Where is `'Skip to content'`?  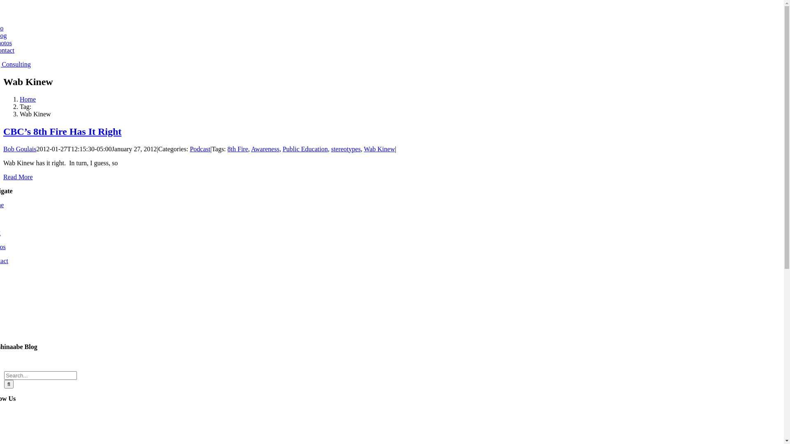 'Skip to content' is located at coordinates (3, 3).